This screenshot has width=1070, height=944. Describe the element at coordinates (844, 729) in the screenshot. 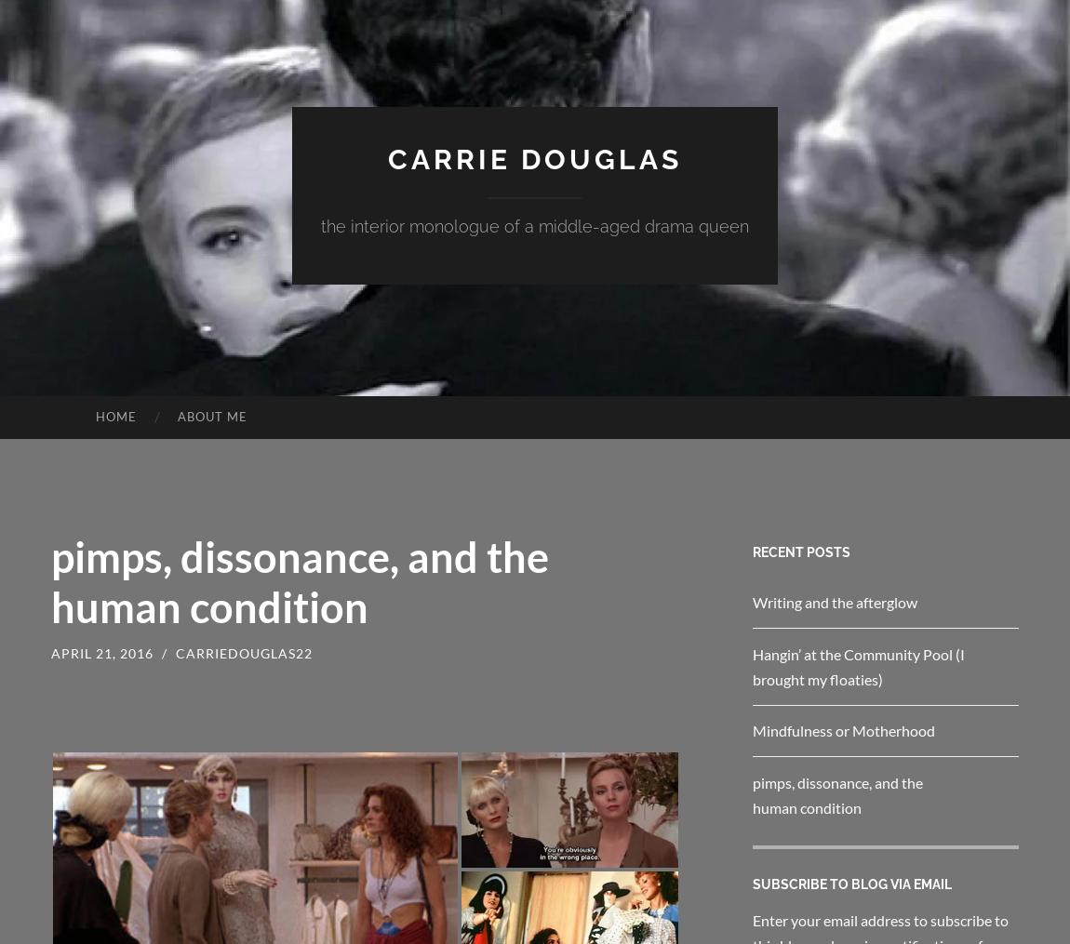

I see `'Mindfulness or Motherhood'` at that location.